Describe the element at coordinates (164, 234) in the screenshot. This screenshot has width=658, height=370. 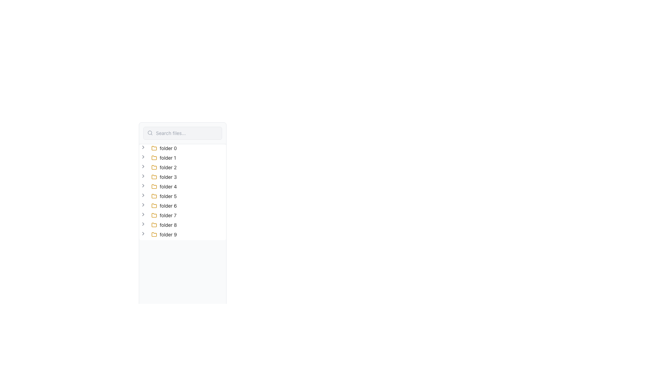
I see `the Tree view node item representing the folder named 'folder 9'` at that location.